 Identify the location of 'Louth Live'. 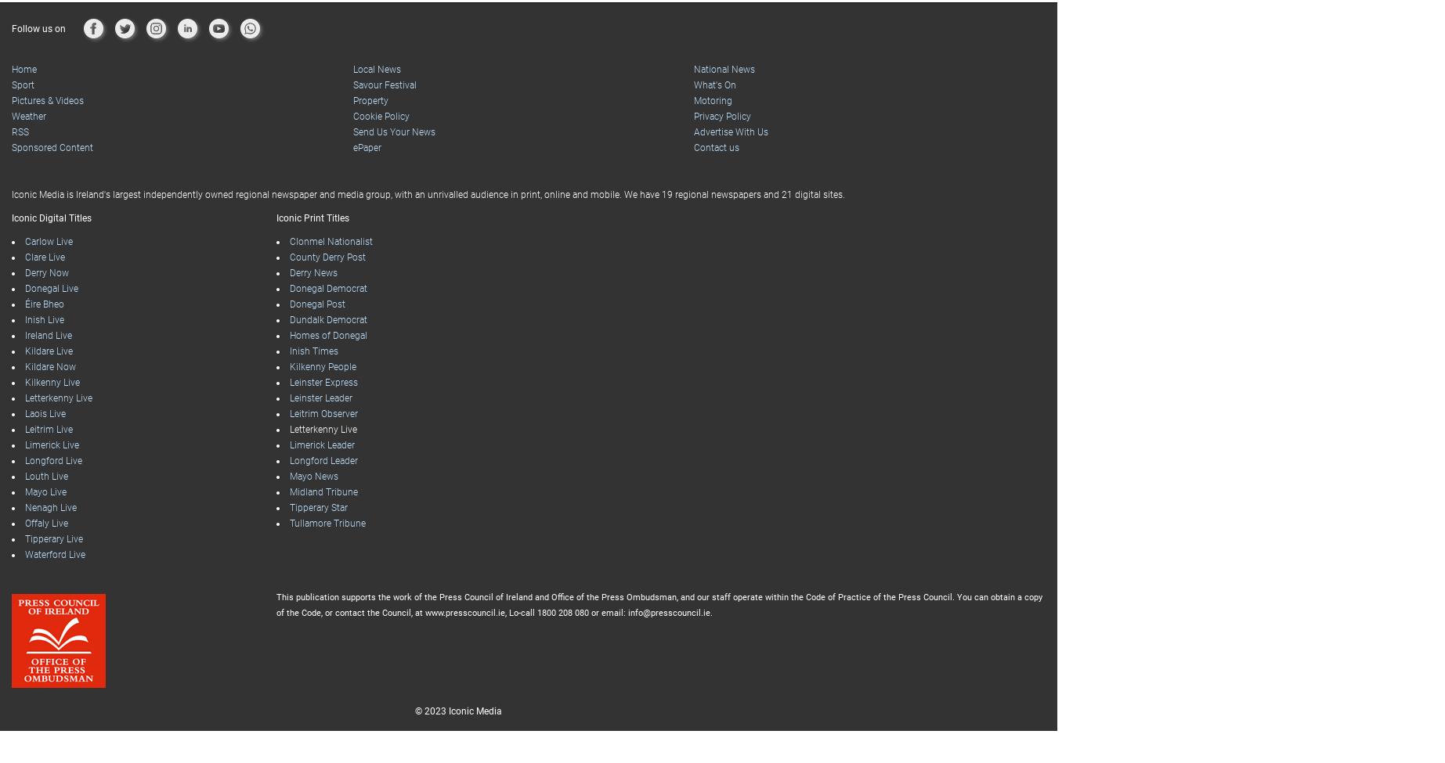
(46, 444).